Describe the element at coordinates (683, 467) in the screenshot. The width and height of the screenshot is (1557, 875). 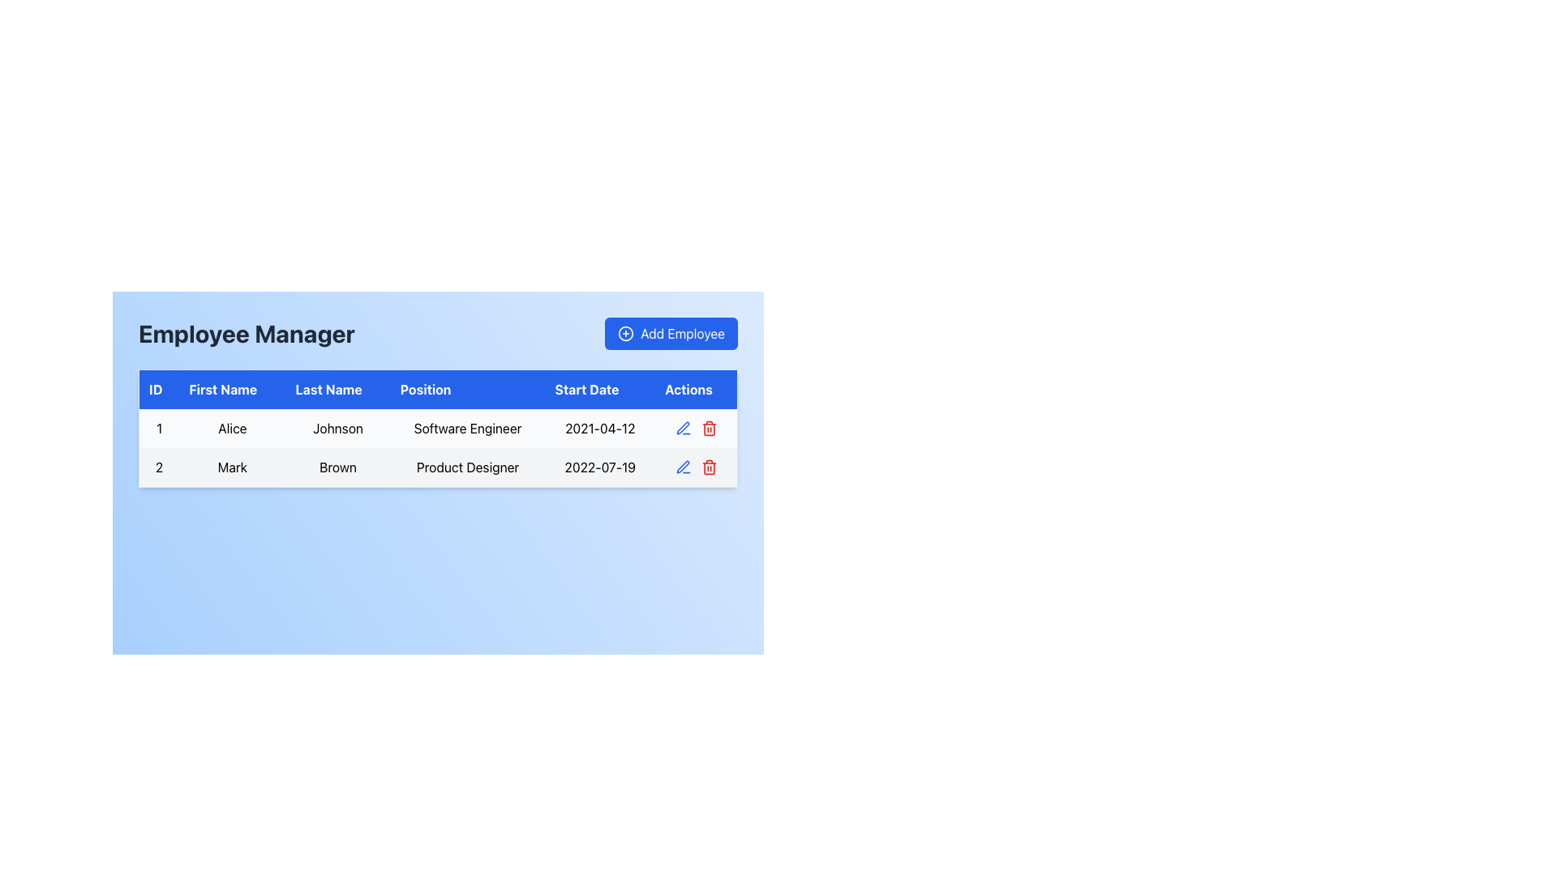
I see `the icon button that resembles a stylized pen or edit symbol located in the 'Actions' column of the second row in the table, positioned to the left of the trash bin icon` at that location.